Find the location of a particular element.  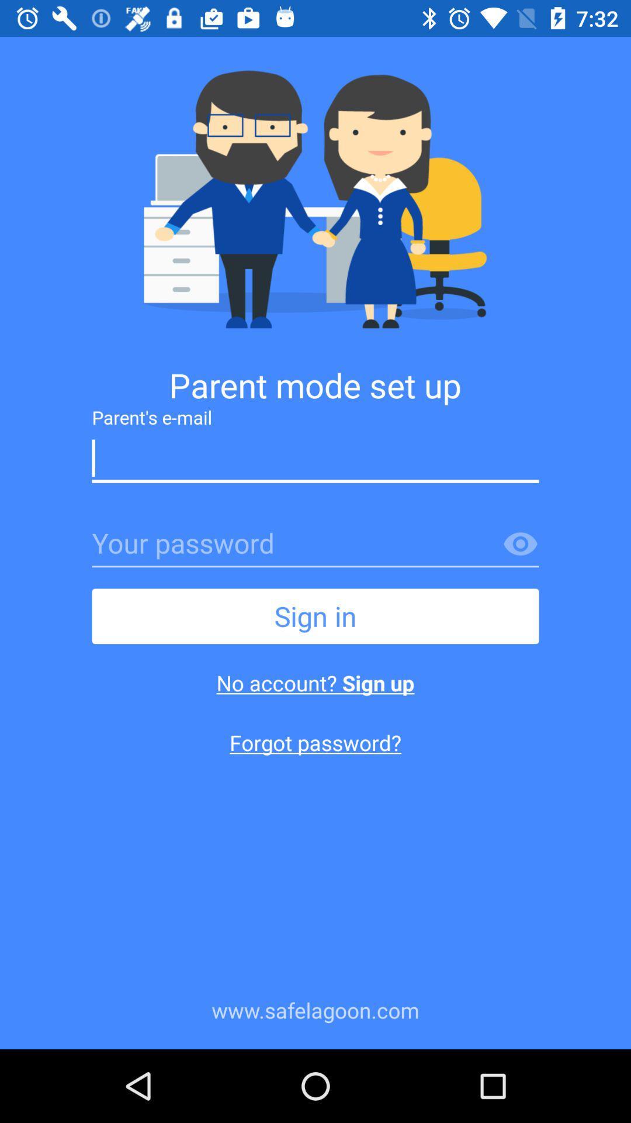

the visibility icon is located at coordinates (520, 544).